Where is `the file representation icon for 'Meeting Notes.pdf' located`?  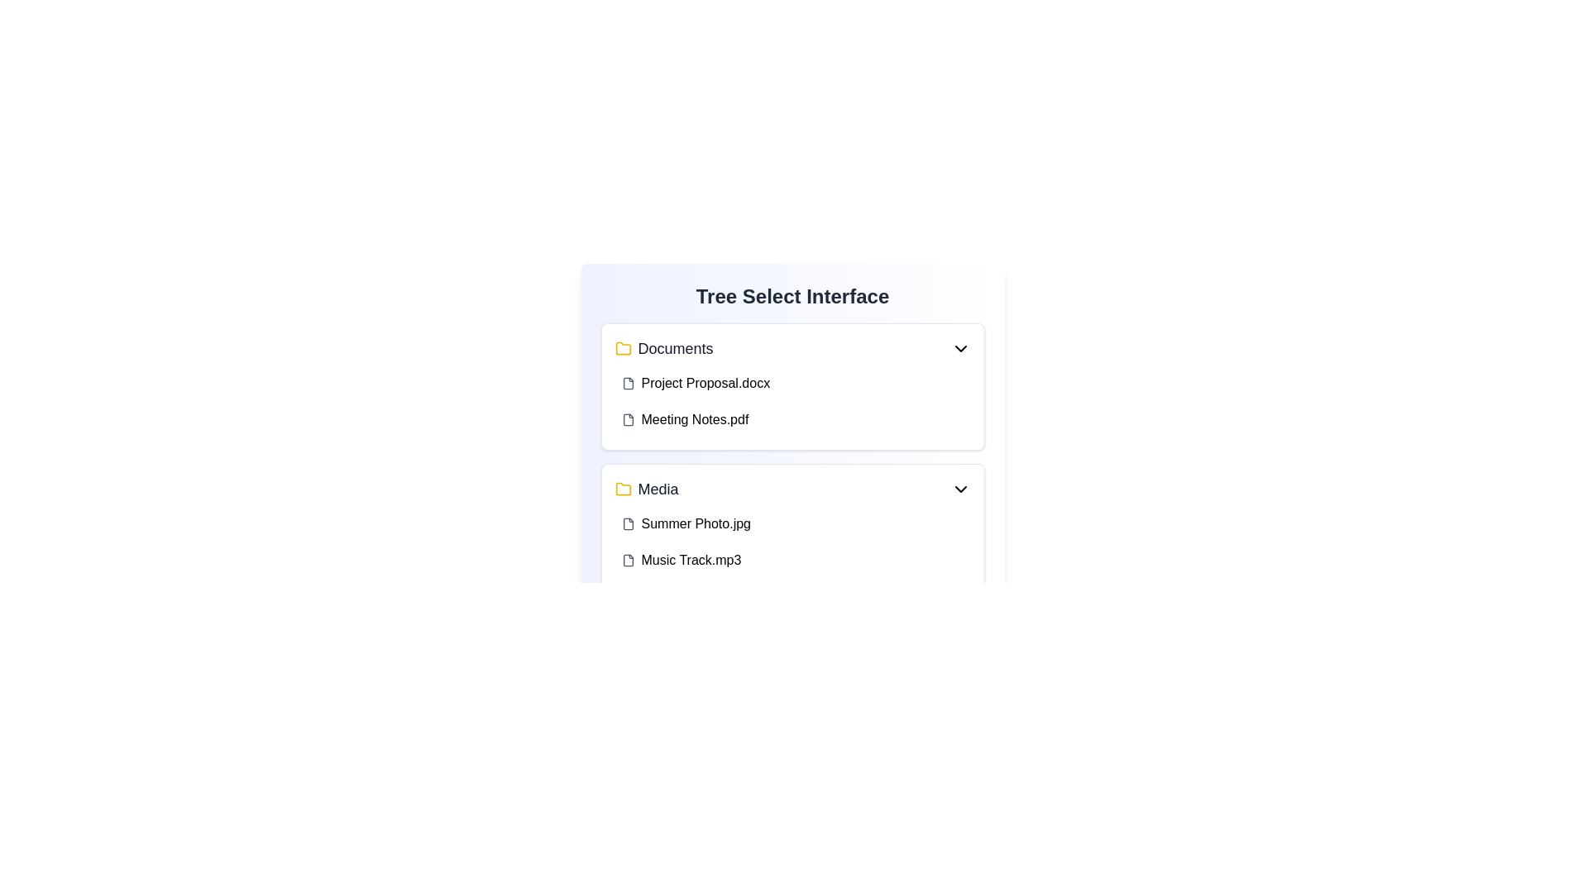 the file representation icon for 'Meeting Notes.pdf' located is located at coordinates (627, 419).